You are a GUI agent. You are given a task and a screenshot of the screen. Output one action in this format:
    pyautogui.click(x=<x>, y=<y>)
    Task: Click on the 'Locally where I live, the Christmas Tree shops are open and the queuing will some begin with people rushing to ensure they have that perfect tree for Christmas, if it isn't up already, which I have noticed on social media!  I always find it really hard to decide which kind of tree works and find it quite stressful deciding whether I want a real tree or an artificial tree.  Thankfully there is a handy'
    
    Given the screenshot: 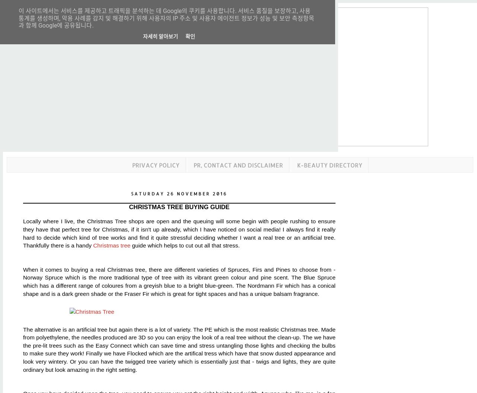 What is the action you would take?
    pyautogui.click(x=23, y=233)
    